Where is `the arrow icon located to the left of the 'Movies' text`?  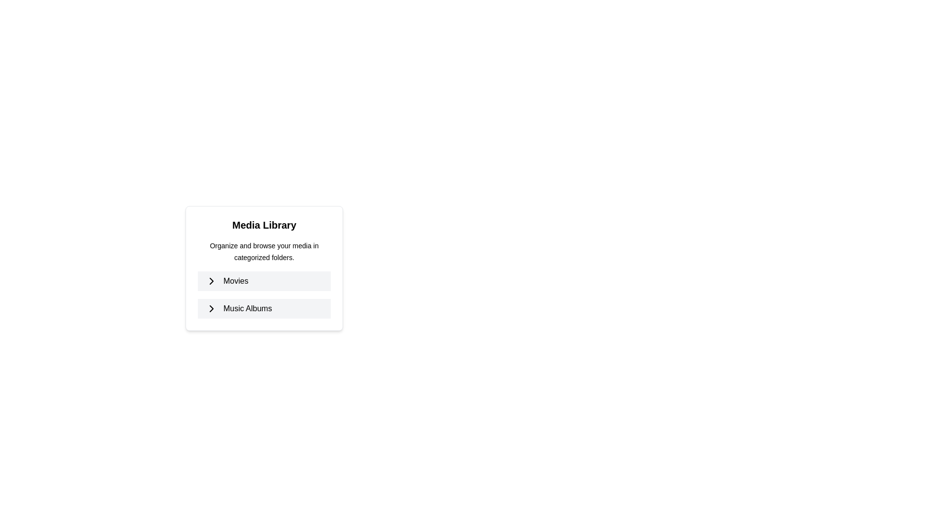
the arrow icon located to the left of the 'Movies' text is located at coordinates (211, 281).